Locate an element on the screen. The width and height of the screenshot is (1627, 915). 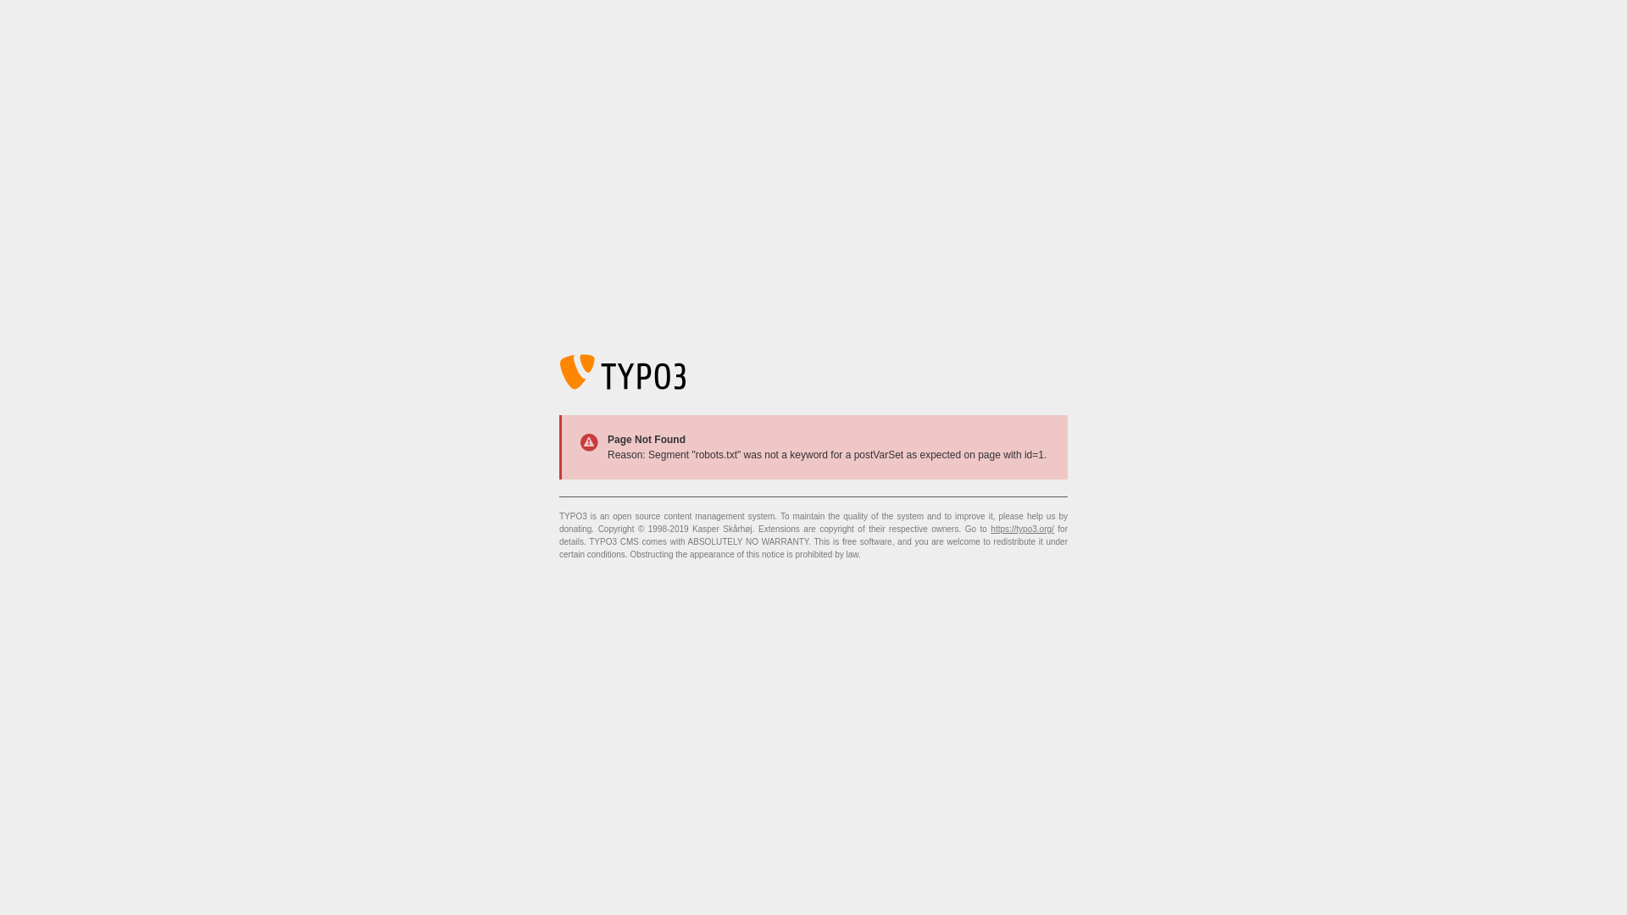
'https://typo3.org/' is located at coordinates (1021, 528).